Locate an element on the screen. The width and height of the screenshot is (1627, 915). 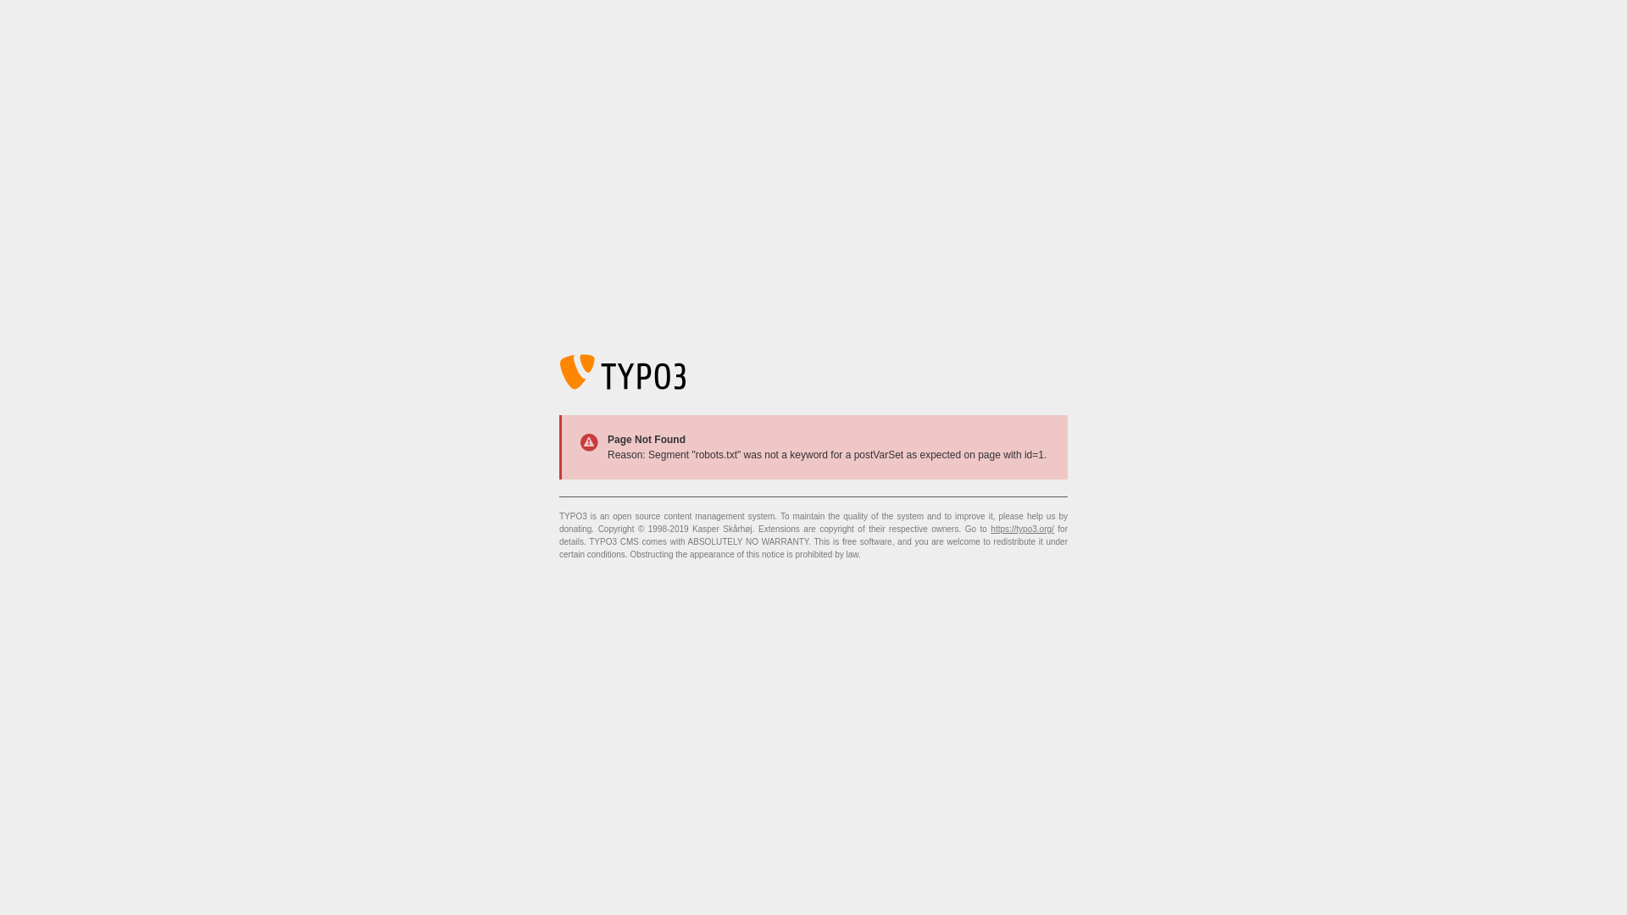
'https://typo3.org/' is located at coordinates (1021, 528).